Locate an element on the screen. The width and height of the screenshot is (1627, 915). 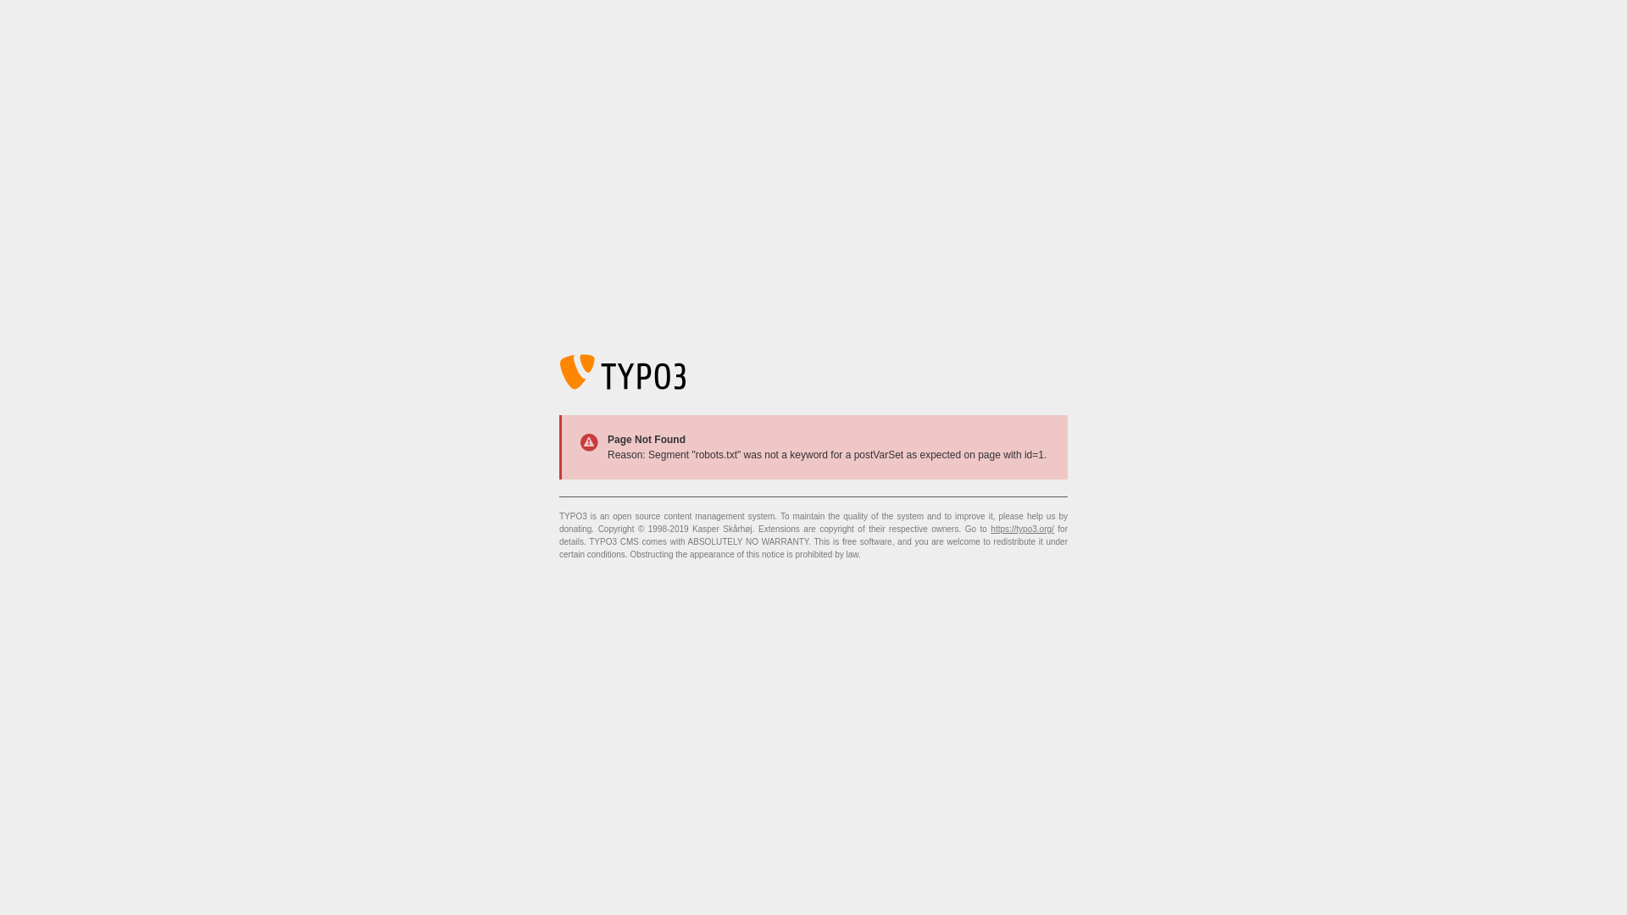
'https://typo3.org/' is located at coordinates (1021, 528).